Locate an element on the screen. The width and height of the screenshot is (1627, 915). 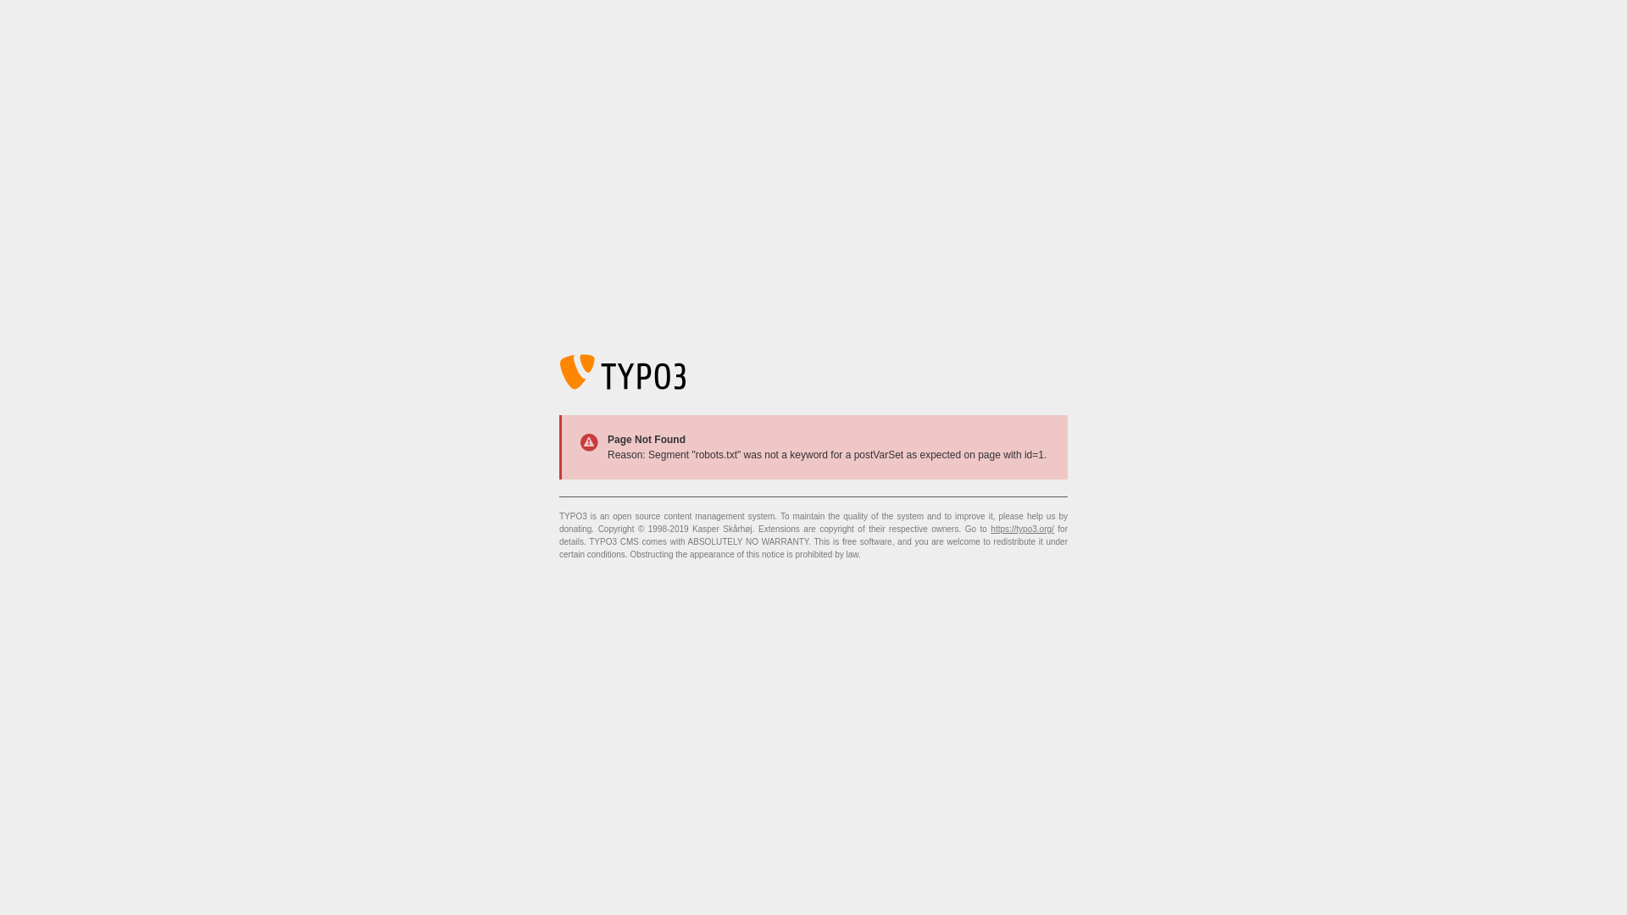
'https://typo3.org/' is located at coordinates (1021, 528).